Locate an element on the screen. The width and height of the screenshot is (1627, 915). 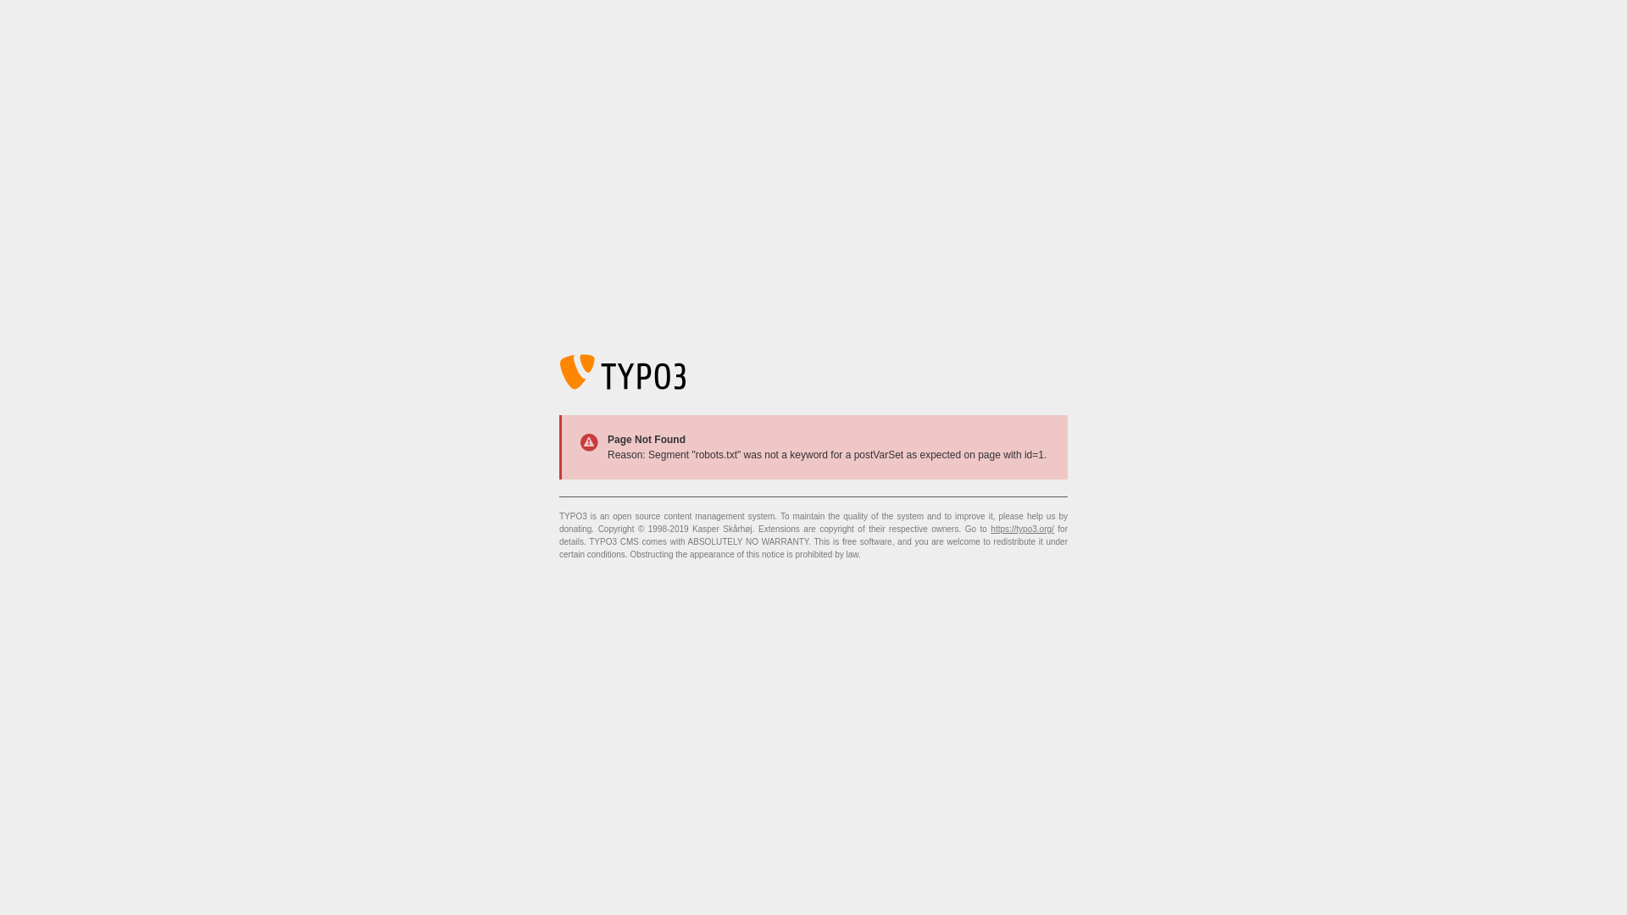
'https://typo3.org/' is located at coordinates (1021, 528).